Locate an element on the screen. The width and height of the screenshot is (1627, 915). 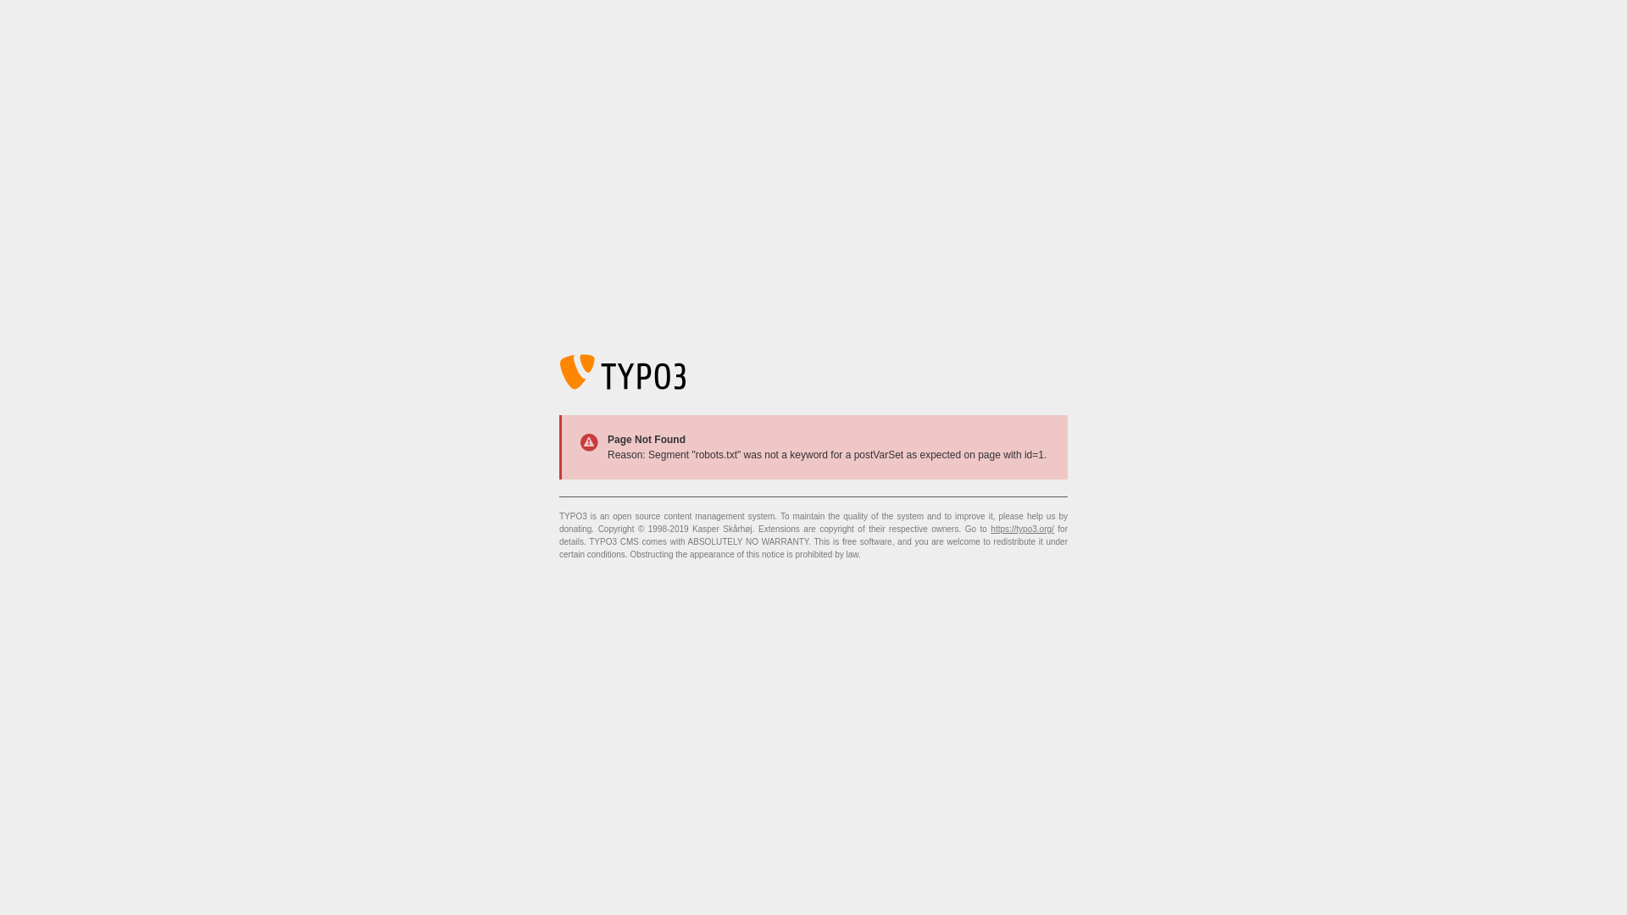
'https://typo3.org/' is located at coordinates (1021, 528).